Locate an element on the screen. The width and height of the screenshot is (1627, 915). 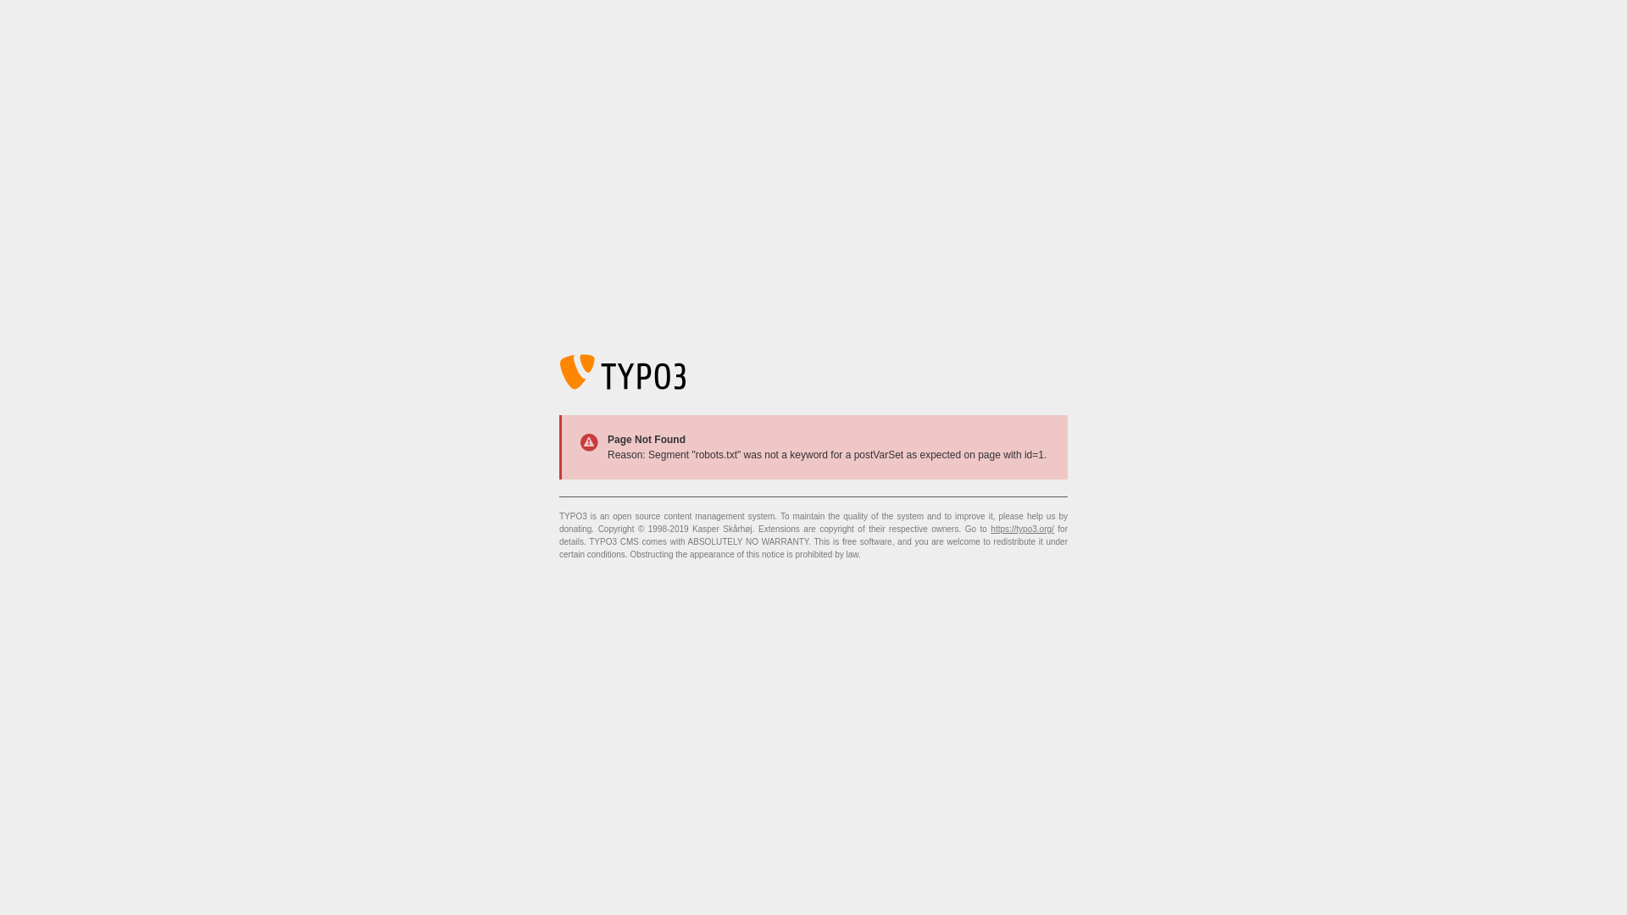
'https://typo3.org/' is located at coordinates (1021, 528).